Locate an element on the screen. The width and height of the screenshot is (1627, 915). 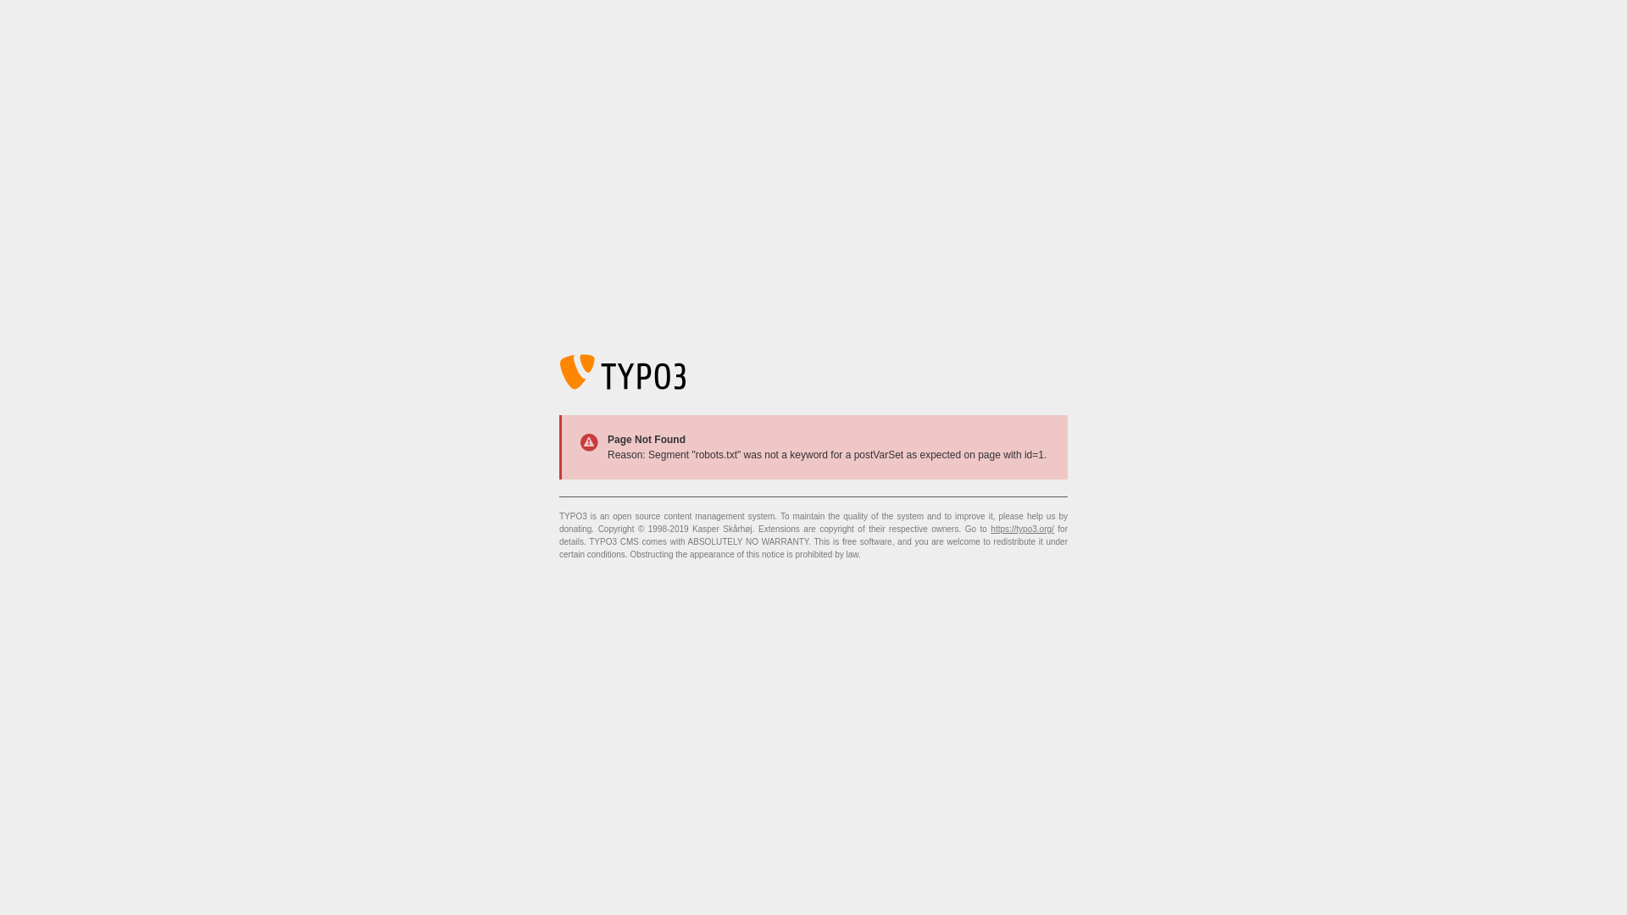
'https://typo3.org/' is located at coordinates (1021, 528).